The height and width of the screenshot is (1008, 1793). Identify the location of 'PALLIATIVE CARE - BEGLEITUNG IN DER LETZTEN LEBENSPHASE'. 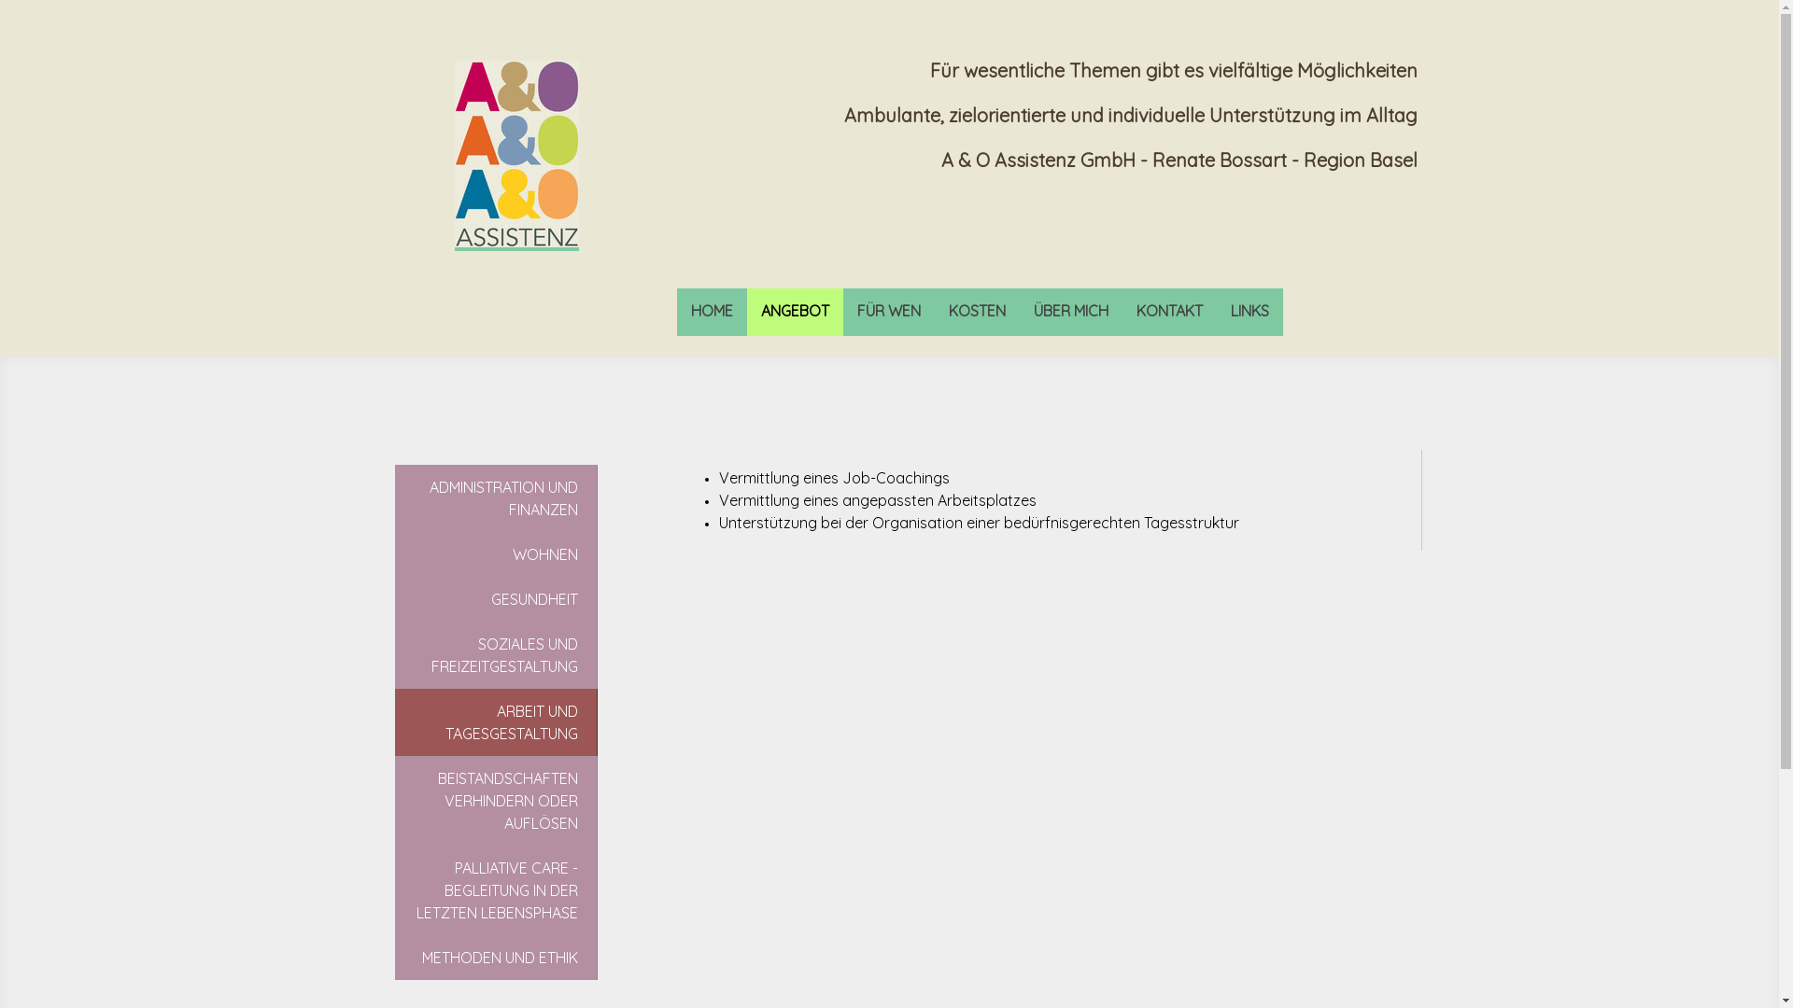
(496, 889).